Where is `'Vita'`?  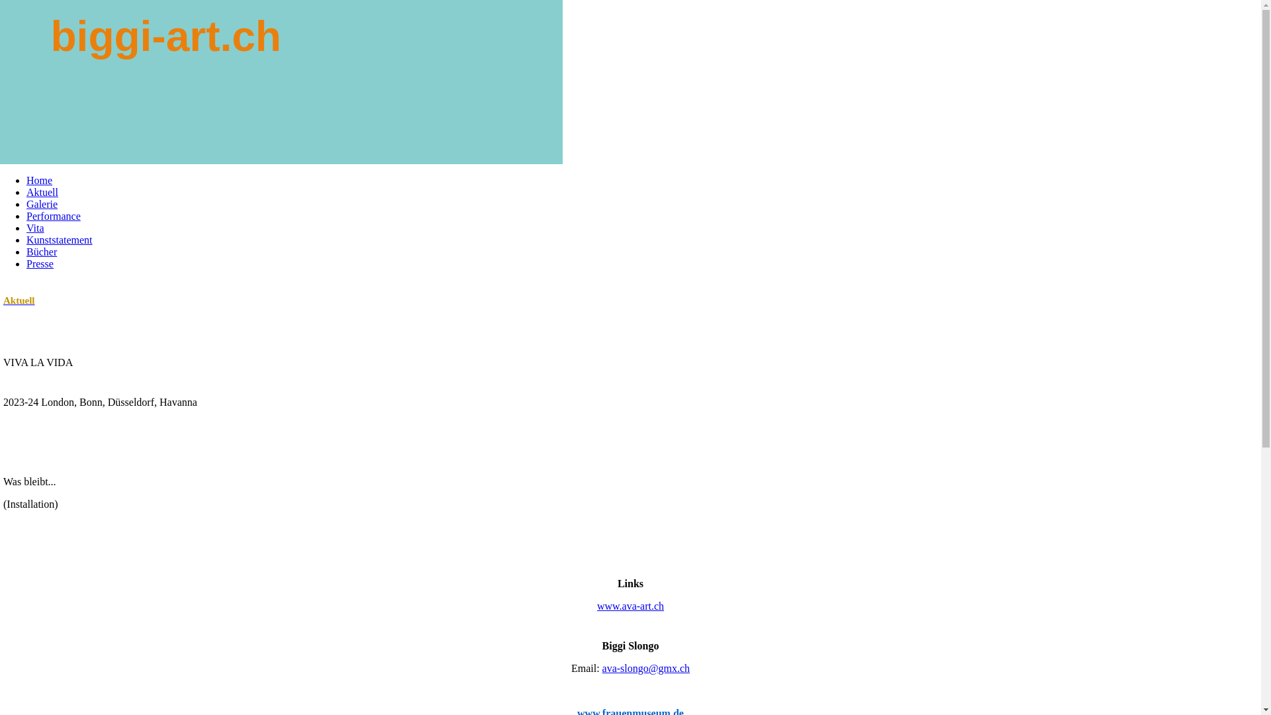
'Vita' is located at coordinates (35, 227).